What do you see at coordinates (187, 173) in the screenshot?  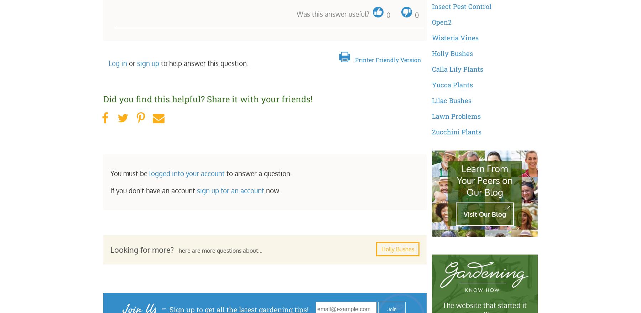 I see `'logged into your account'` at bounding box center [187, 173].